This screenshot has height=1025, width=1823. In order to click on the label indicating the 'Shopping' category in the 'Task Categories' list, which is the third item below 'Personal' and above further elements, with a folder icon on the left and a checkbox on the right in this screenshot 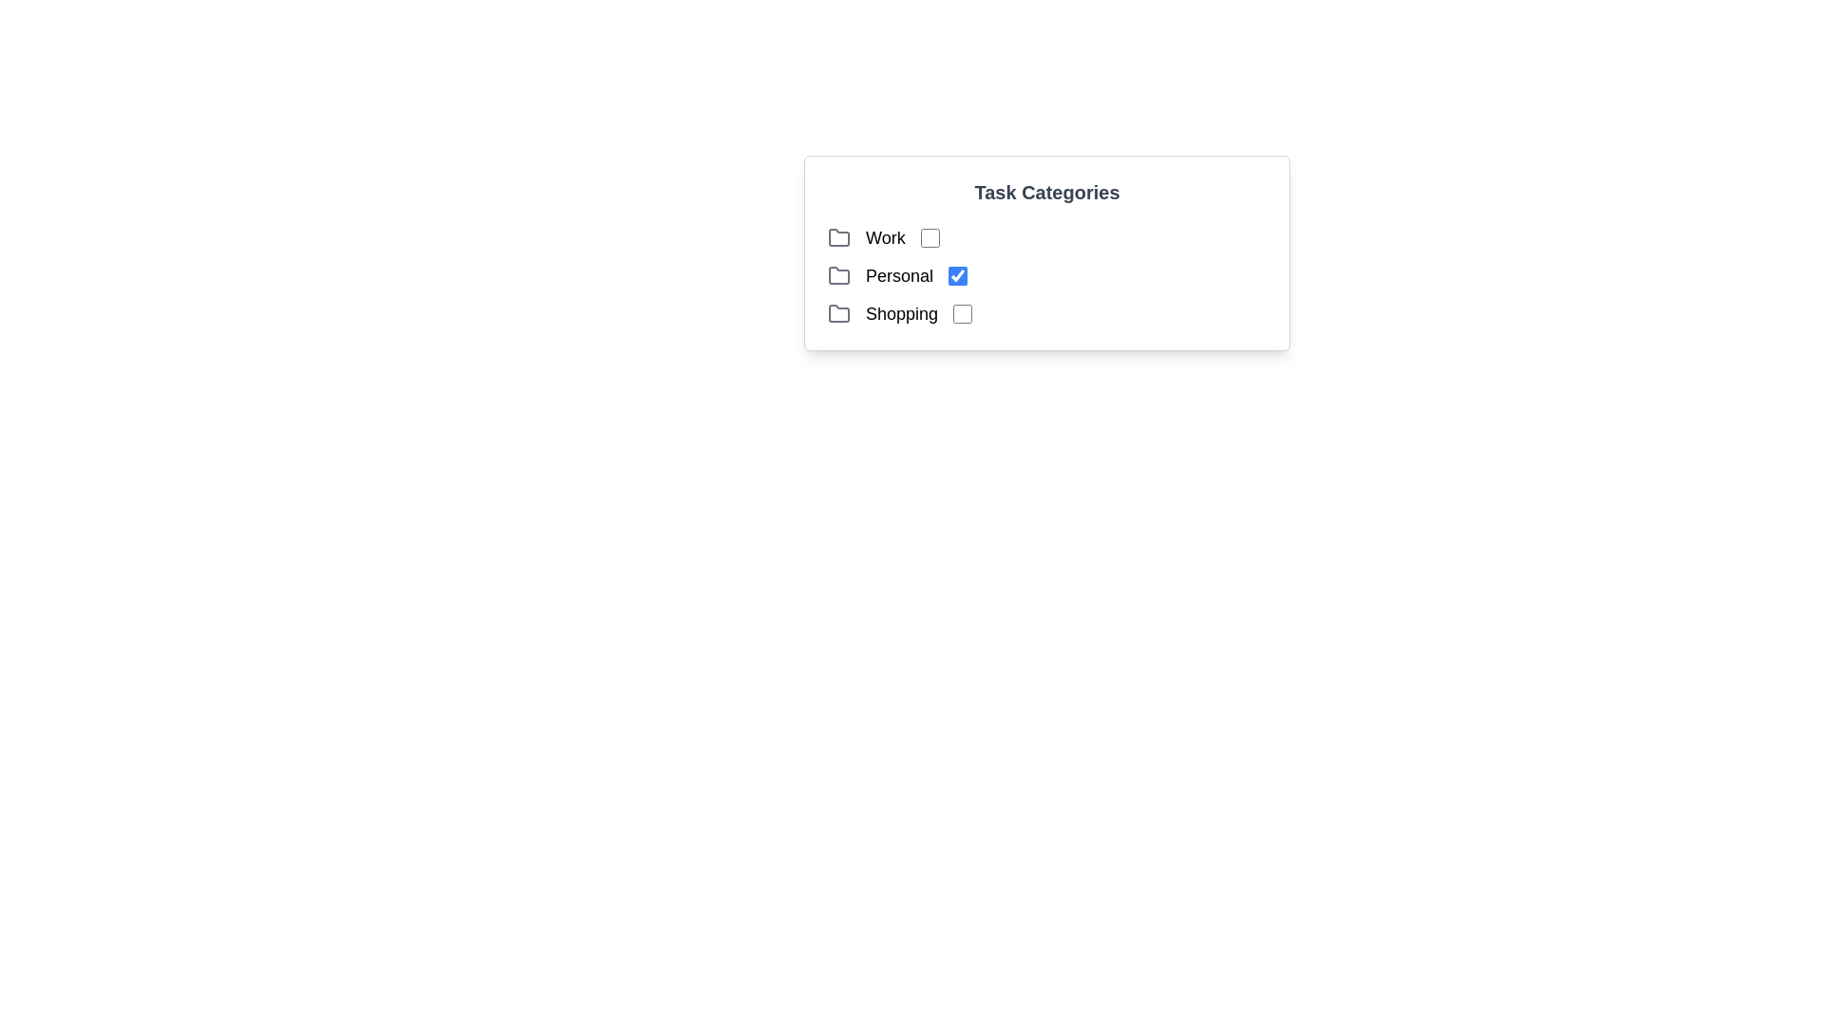, I will do `click(901, 313)`.